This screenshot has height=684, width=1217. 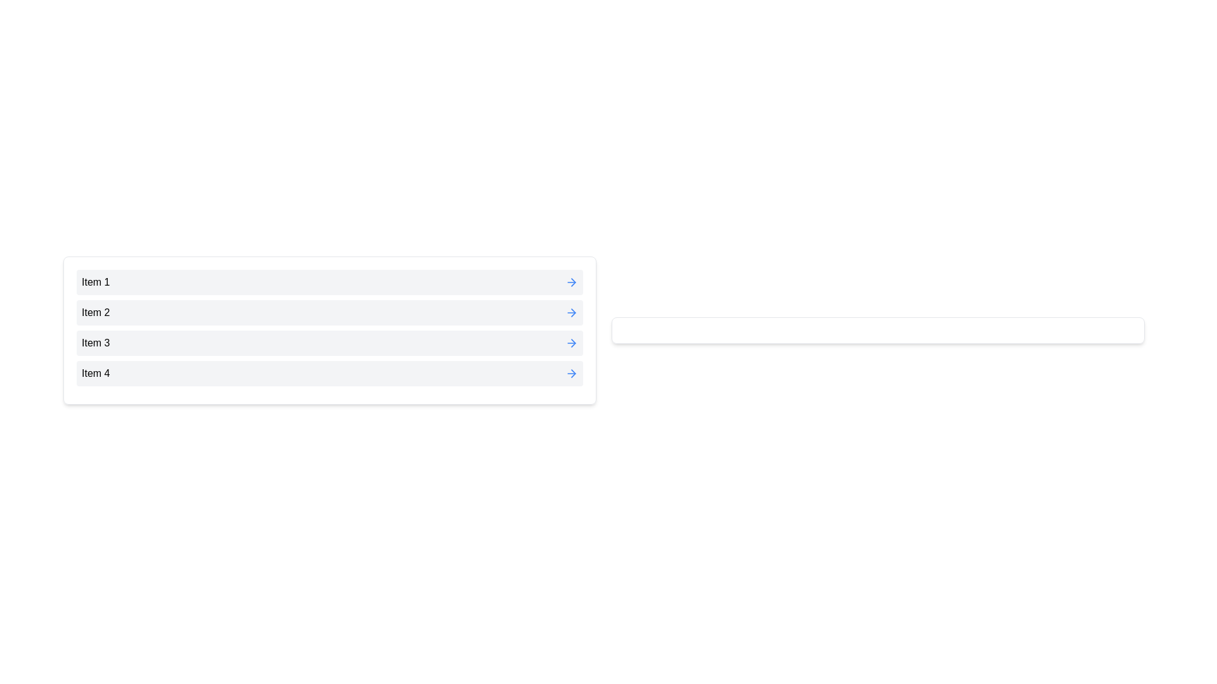 I want to click on the blue arrow button next to Item 1 to move it to the right list, so click(x=571, y=282).